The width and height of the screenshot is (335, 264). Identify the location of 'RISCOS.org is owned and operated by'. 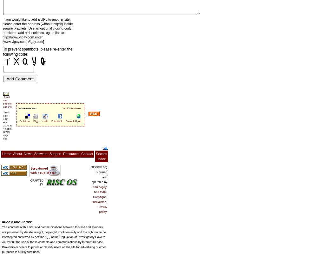
(99, 174).